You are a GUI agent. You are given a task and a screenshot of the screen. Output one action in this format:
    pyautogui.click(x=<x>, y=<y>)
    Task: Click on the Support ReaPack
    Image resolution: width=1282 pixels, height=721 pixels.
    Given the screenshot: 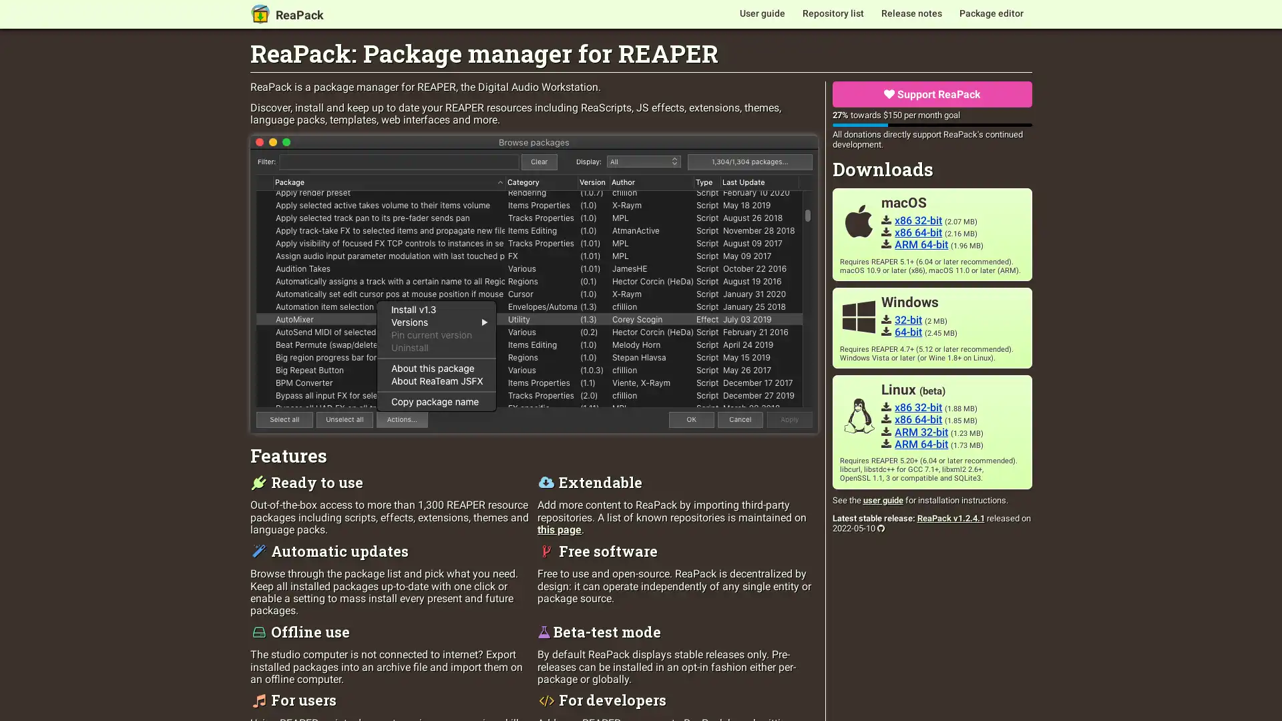 What is the action you would take?
    pyautogui.click(x=931, y=93)
    